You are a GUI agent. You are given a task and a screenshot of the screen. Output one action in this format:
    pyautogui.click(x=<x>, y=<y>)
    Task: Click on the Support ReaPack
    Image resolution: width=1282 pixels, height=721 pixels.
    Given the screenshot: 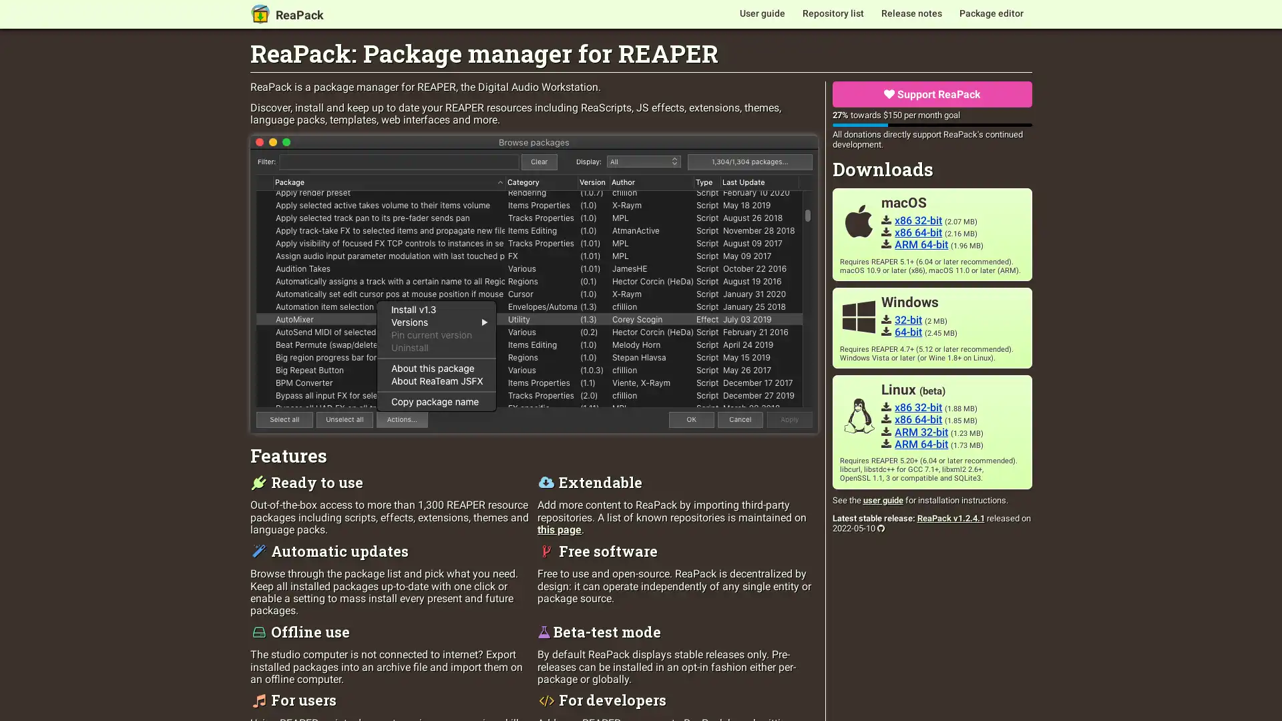 What is the action you would take?
    pyautogui.click(x=931, y=93)
    